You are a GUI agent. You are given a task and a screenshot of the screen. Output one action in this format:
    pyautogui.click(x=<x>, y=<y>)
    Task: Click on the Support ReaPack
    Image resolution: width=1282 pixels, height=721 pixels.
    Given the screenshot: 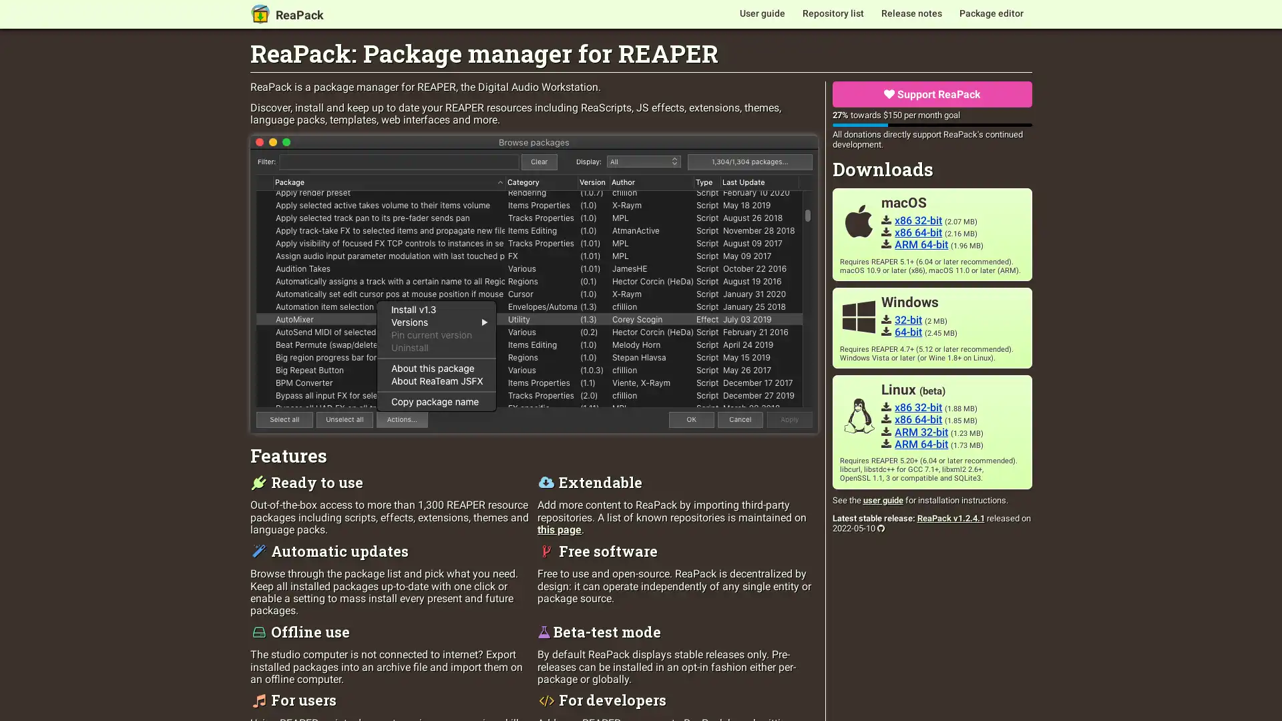 What is the action you would take?
    pyautogui.click(x=931, y=93)
    